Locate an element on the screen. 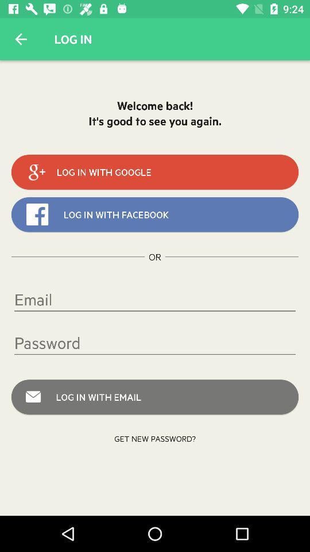 This screenshot has height=552, width=310. the icon to the left of the log in item is located at coordinates (21, 39).